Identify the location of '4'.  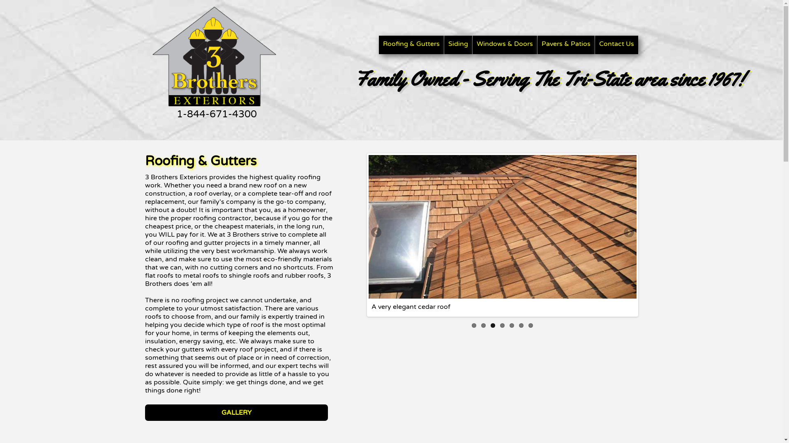
(502, 325).